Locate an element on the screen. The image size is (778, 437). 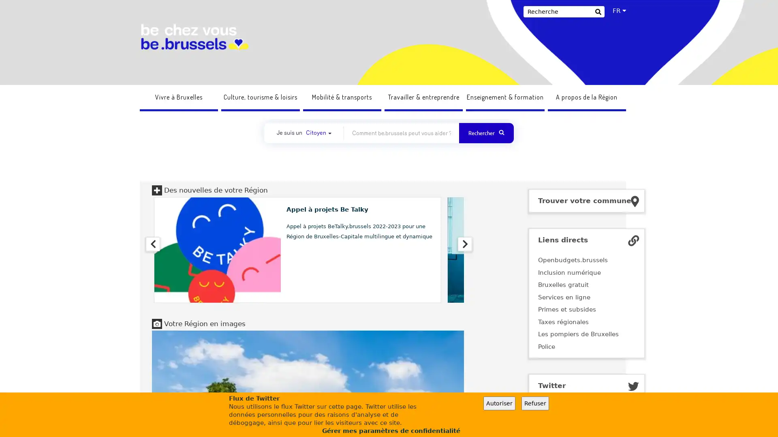
Rechercher is located at coordinates (598, 13).